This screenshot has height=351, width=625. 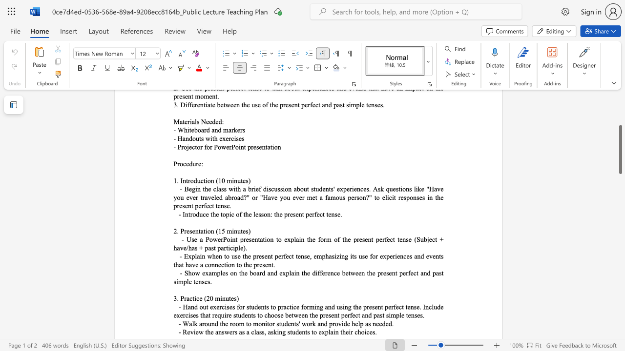 I want to click on the subset text "t perfect tense (Subject + have/has + past participle)" within the text "- Use a PowerPoint presentation to explain the form of the present perfect tense (Subject + have/has + past participle).", so click(x=371, y=239).